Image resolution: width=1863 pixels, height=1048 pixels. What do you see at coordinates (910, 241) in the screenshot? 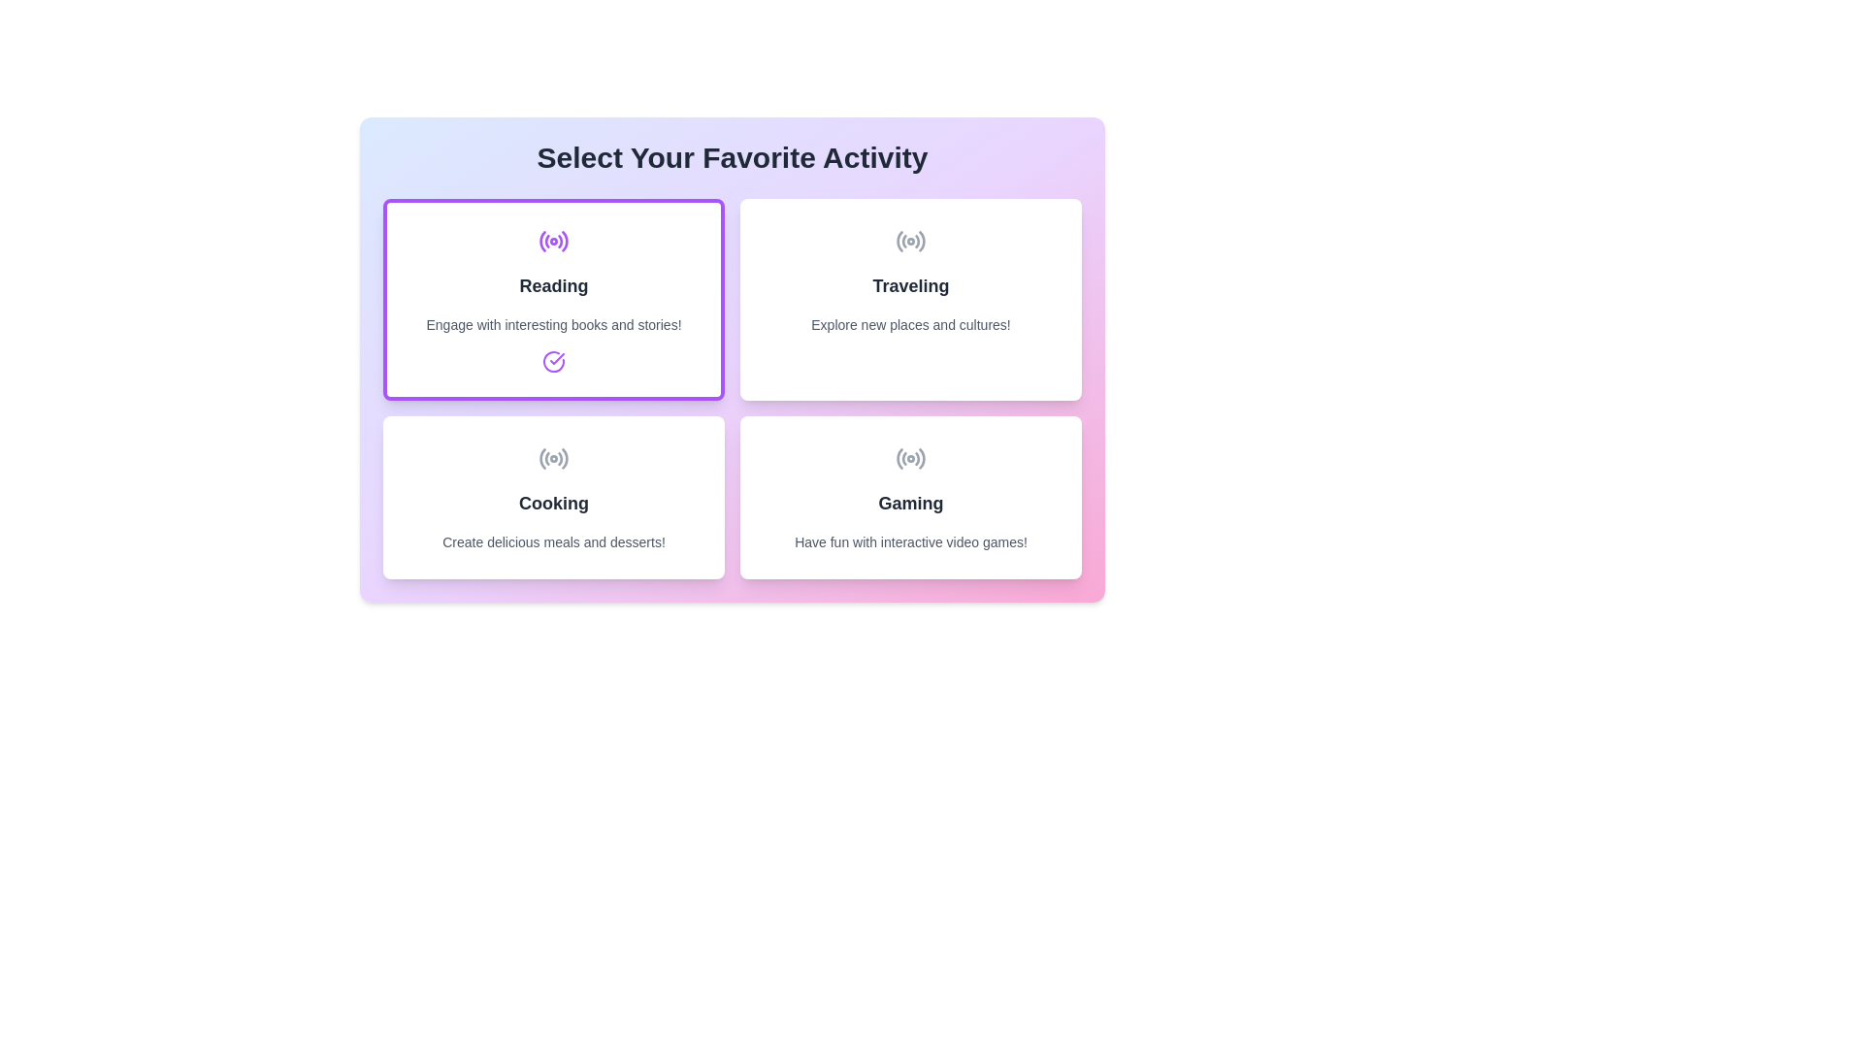
I see `the small circular radio signal icon with concentric arcs, located in the top-right area of the 'Traveling' card, above the bold 'Traveling' label` at bounding box center [910, 241].